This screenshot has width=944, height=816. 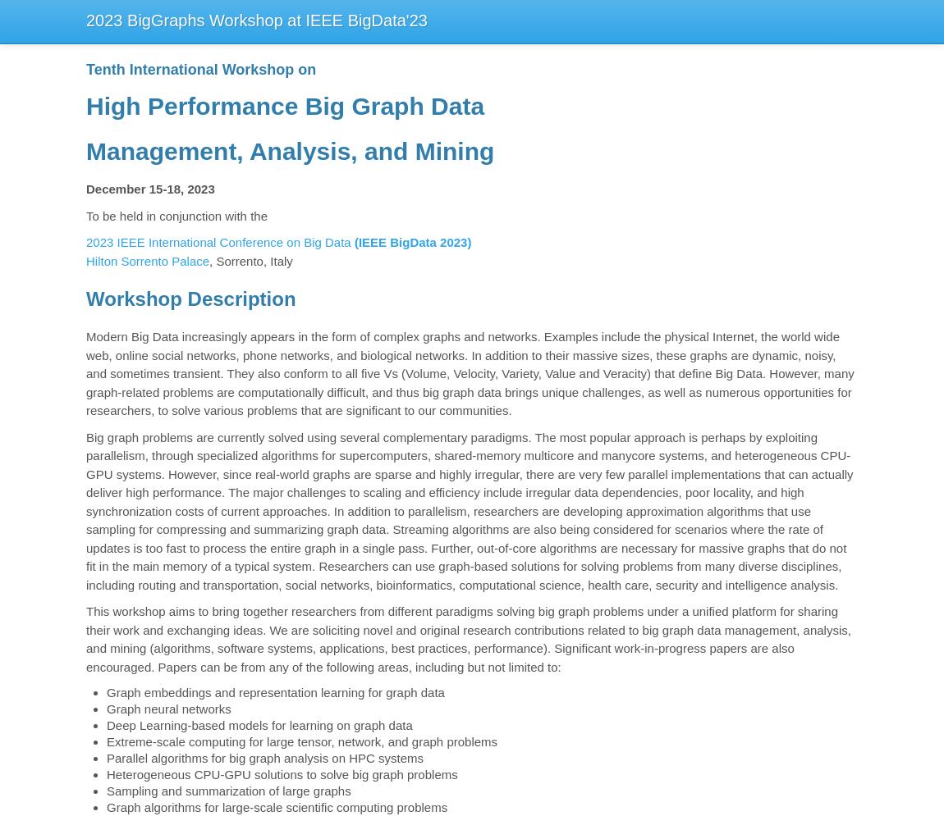 I want to click on 'Heterogeneous CPU-GPU solutions to solve big graph problems', so click(x=282, y=774).